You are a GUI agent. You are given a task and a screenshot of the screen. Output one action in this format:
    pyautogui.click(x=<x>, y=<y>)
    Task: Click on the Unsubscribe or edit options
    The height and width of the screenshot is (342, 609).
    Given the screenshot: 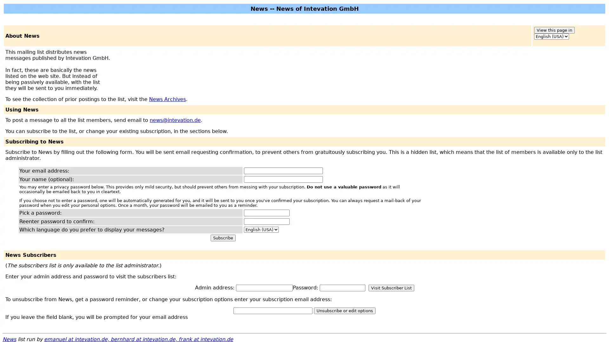 What is the action you would take?
    pyautogui.click(x=344, y=310)
    